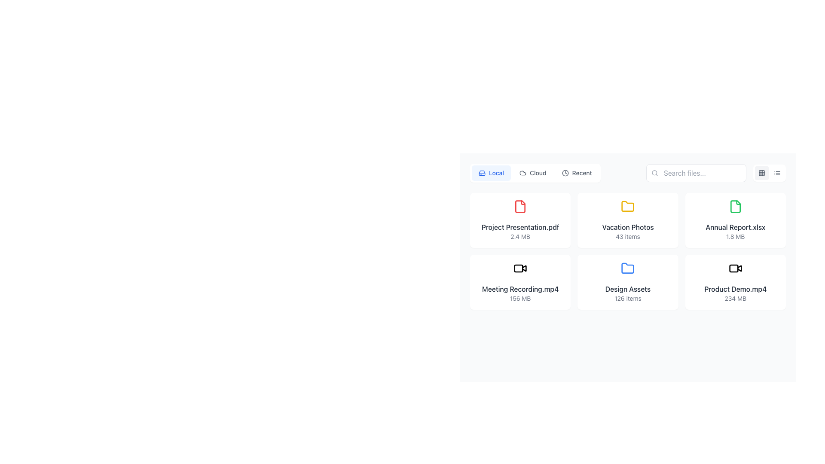 Image resolution: width=825 pixels, height=464 pixels. I want to click on the local storage icon located to the left of the 'Local' label, so click(482, 173).